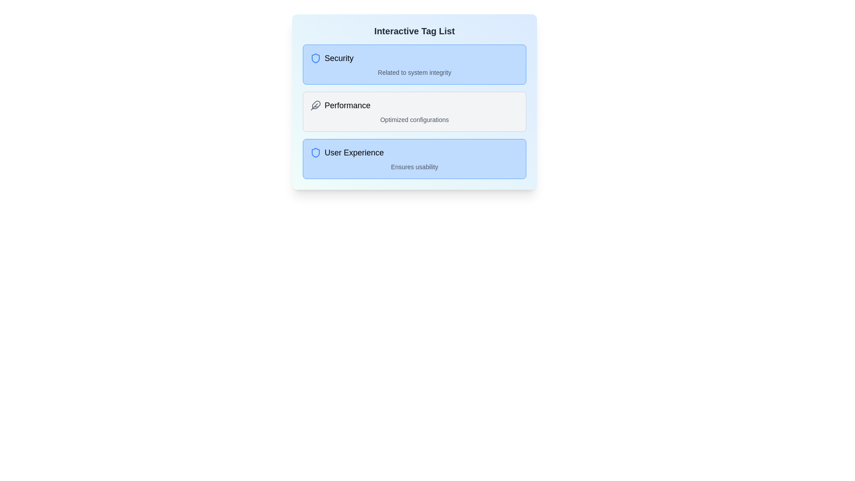 This screenshot has height=481, width=855. What do you see at coordinates (316, 105) in the screenshot?
I see `the tag by clicking on its icon, identified by the tag name Performance` at bounding box center [316, 105].